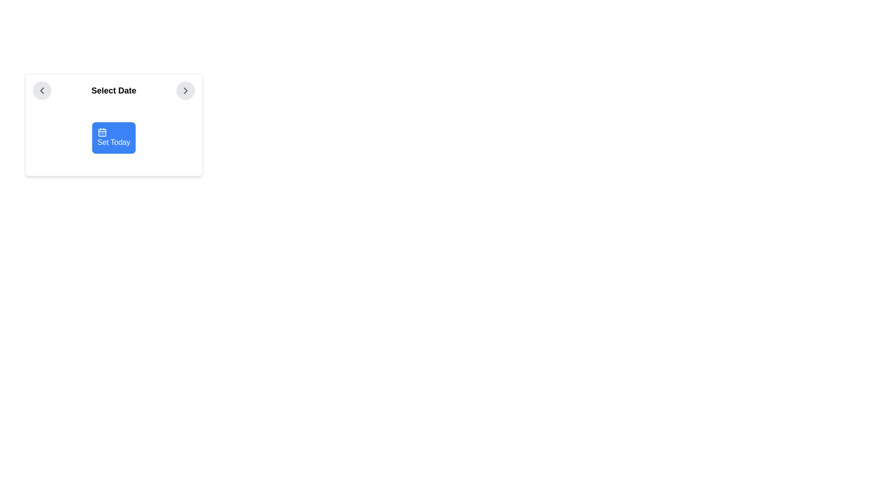  I want to click on the button located beneath the header 'Select Date' to assign the current date to a specific purpose or selection, so click(113, 137).